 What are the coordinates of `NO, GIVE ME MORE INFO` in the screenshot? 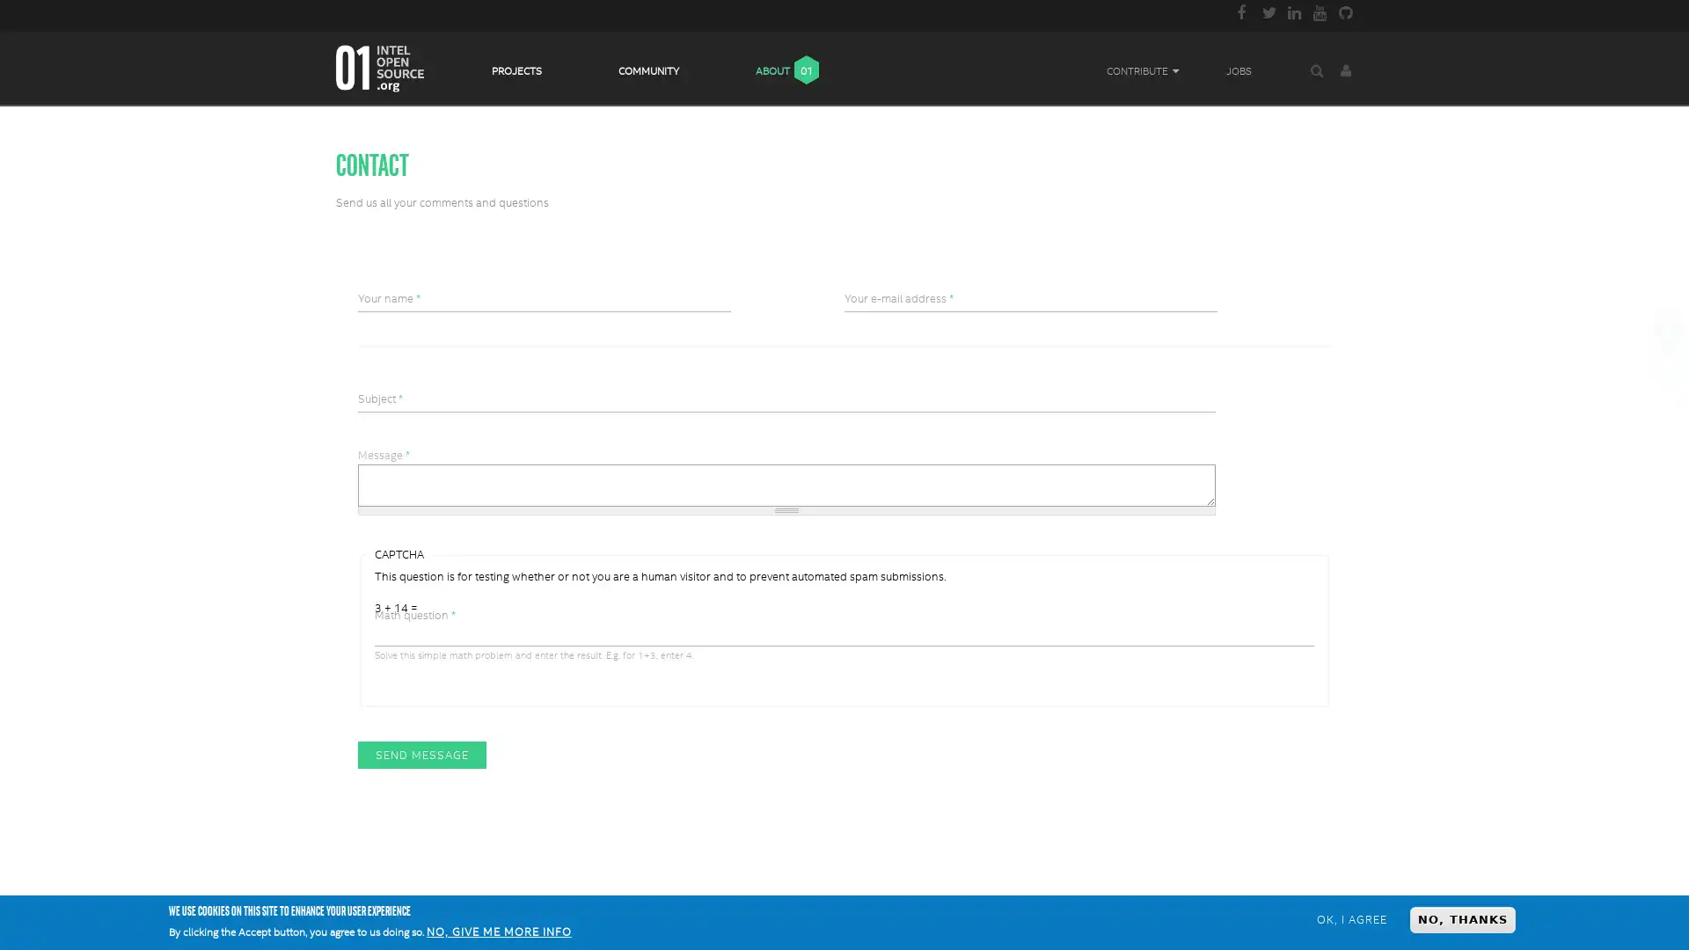 It's located at (498, 932).